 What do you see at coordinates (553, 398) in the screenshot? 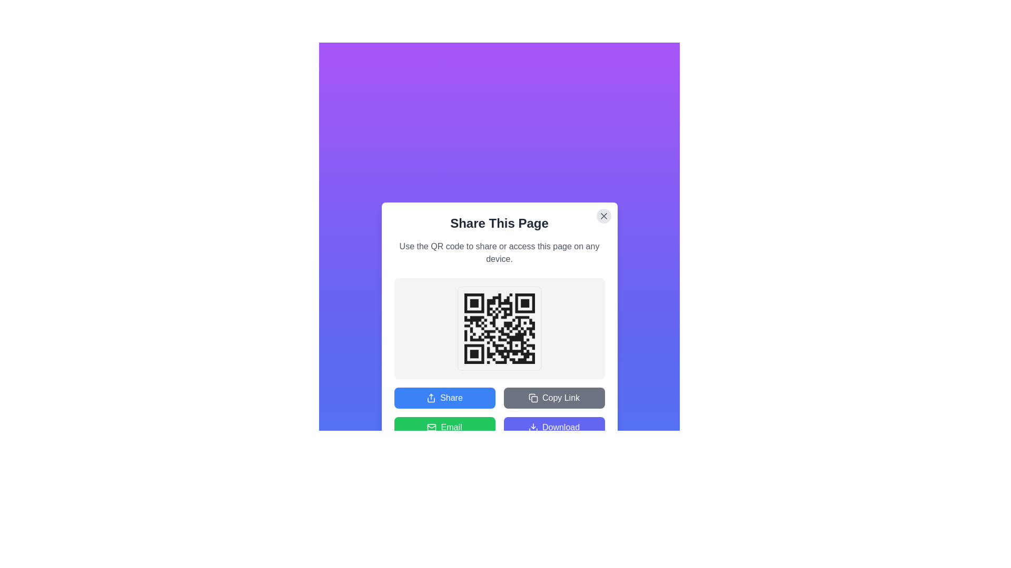
I see `the button with text and icon that copies a link to the clipboard` at bounding box center [553, 398].